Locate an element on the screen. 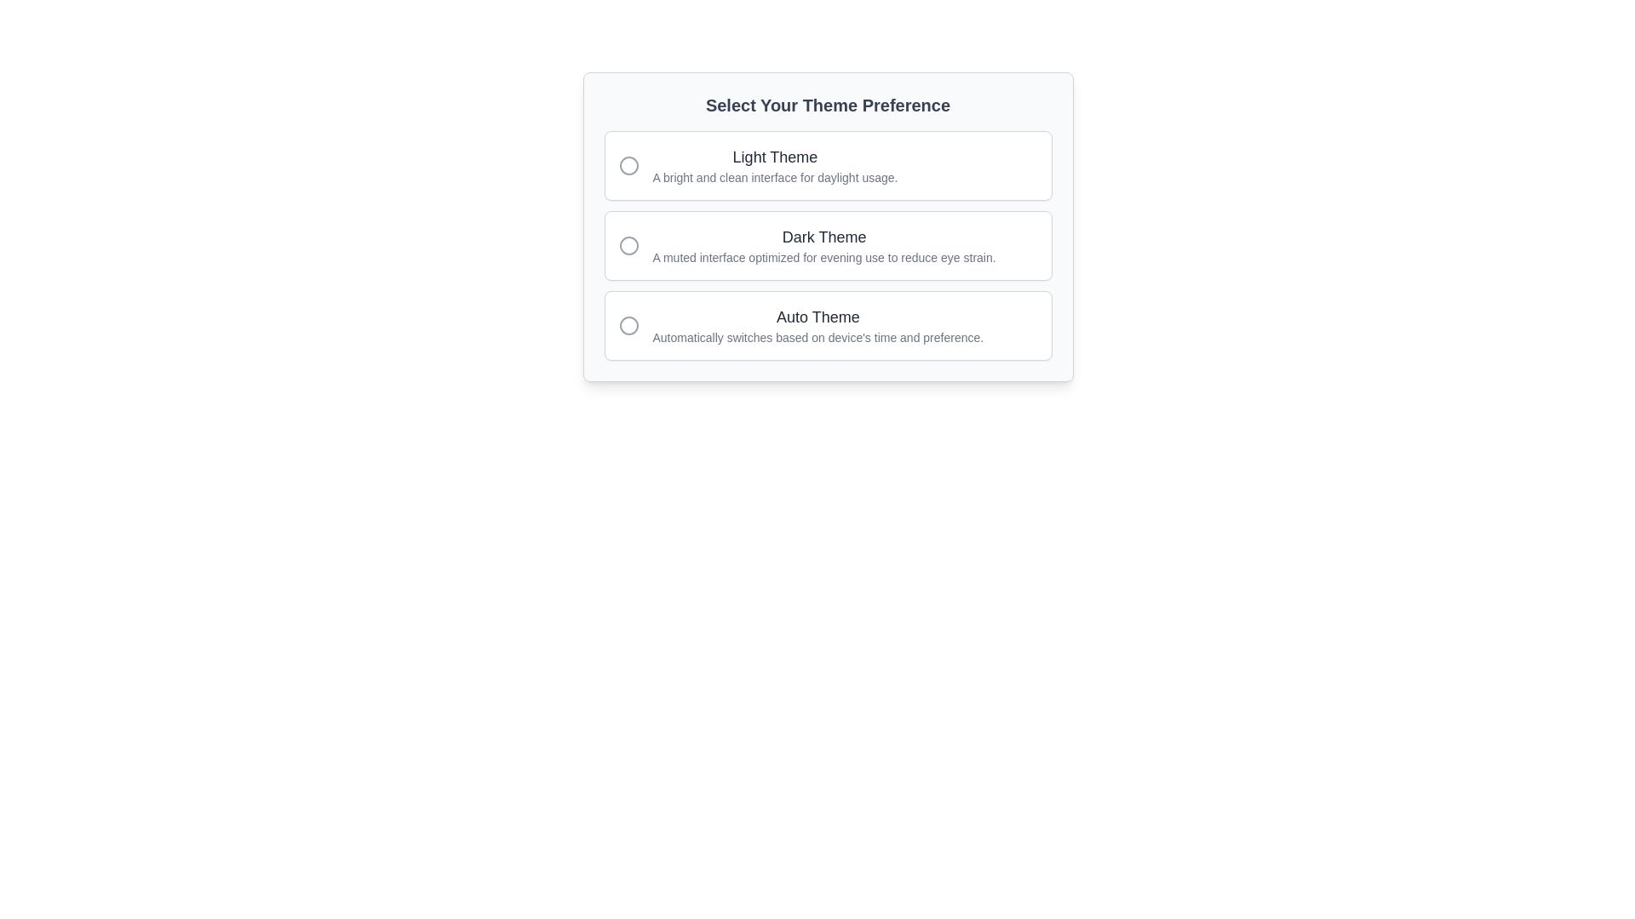  descriptive text label that reads 'A muted interface optimized for evening use to reduce eye strain.' located below the 'Dark Theme' text in the theme preferences interface is located at coordinates (824, 258).